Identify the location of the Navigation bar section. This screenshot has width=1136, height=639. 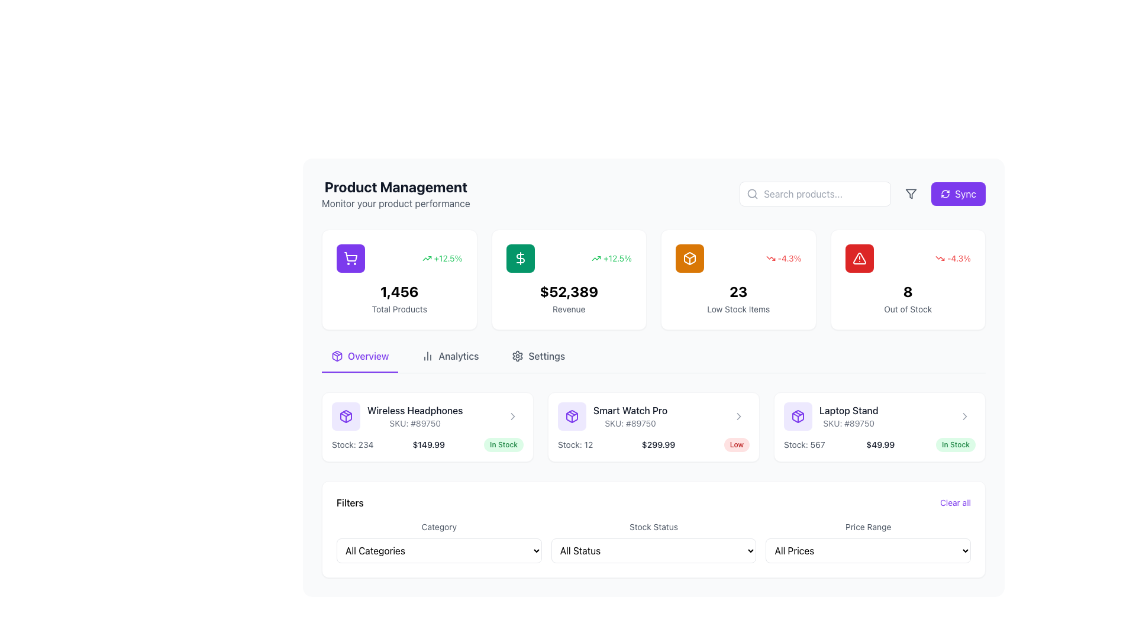
(653, 360).